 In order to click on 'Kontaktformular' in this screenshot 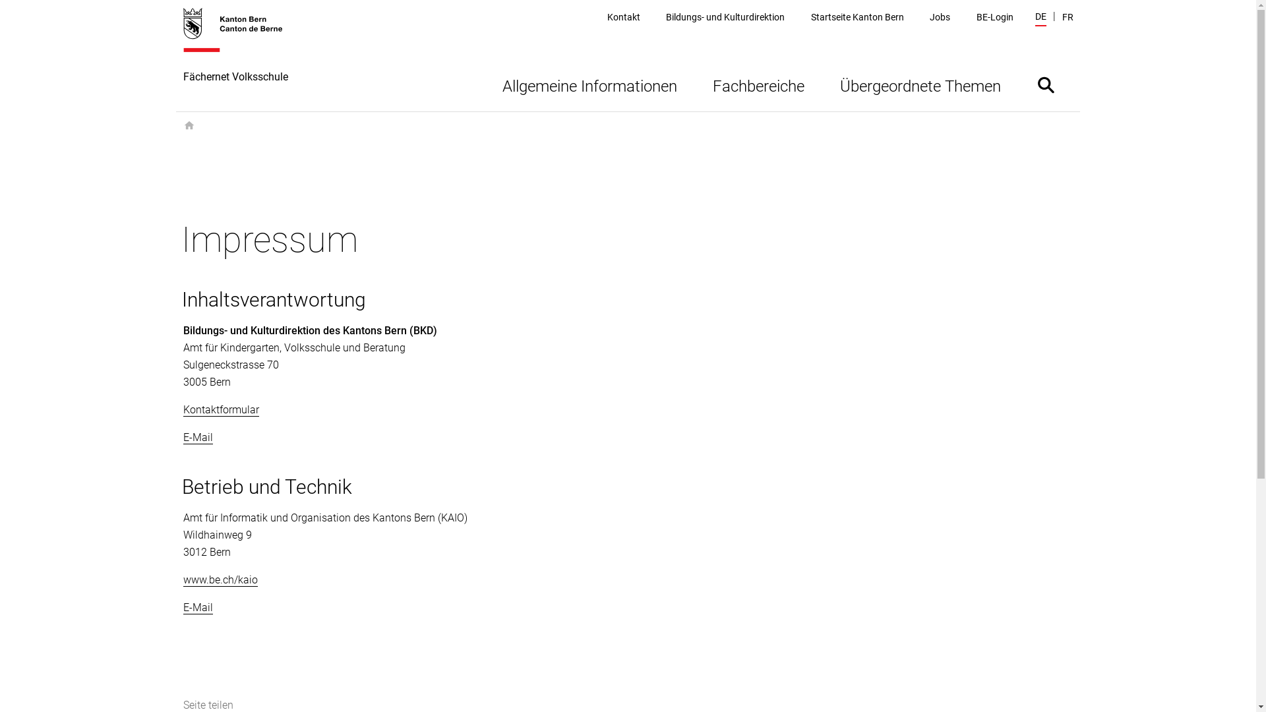, I will do `click(221, 409)`.